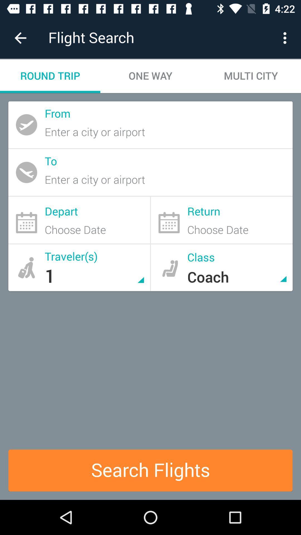  I want to click on the item to the right of the one way item, so click(250, 76).